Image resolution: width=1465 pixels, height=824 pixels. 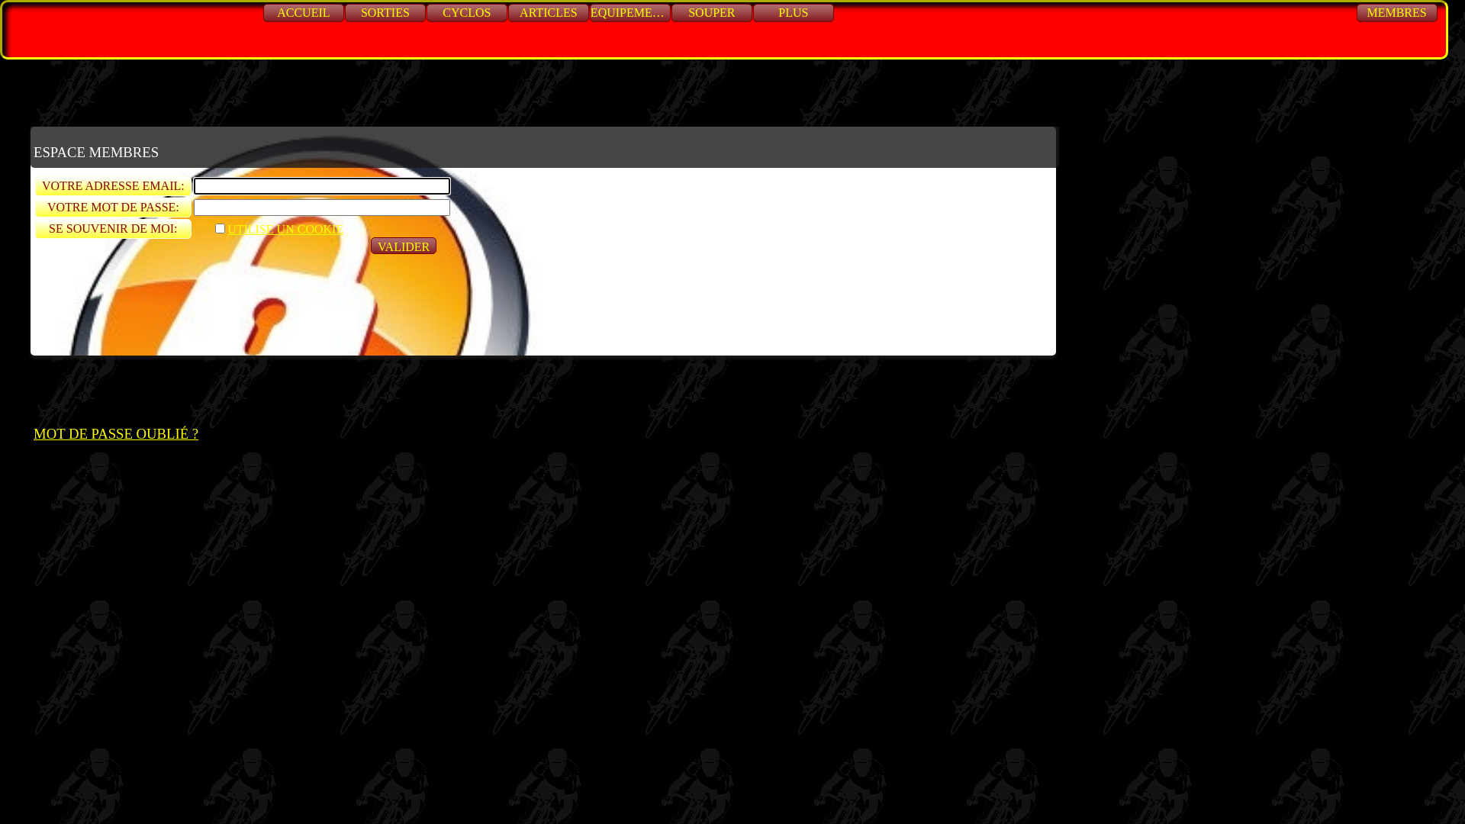 I want to click on 'CYCLOS', so click(x=465, y=12).